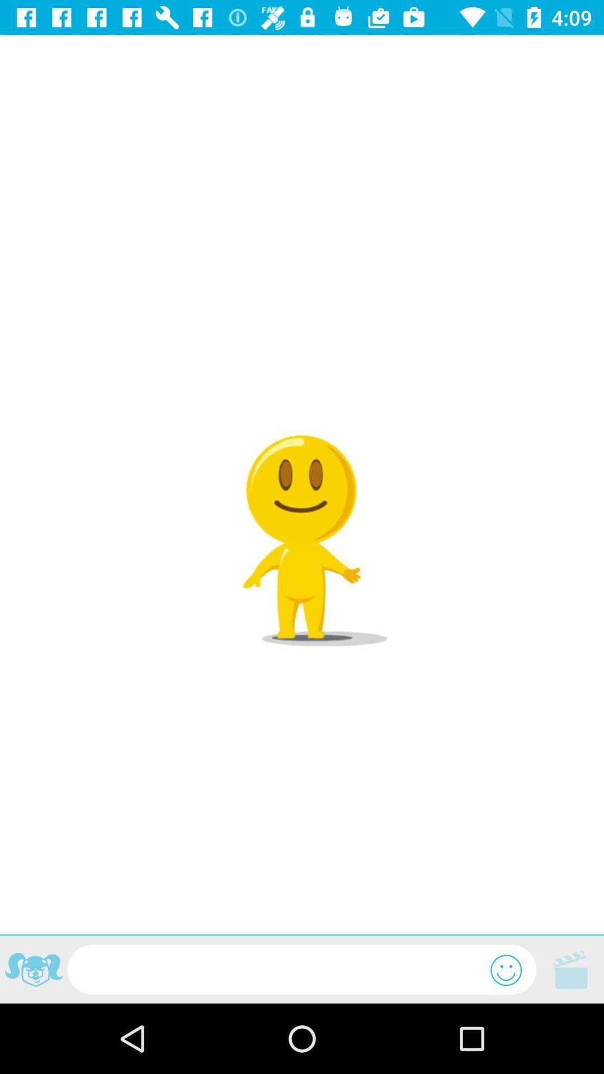 The width and height of the screenshot is (604, 1074). What do you see at coordinates (570, 969) in the screenshot?
I see `edit clip` at bounding box center [570, 969].